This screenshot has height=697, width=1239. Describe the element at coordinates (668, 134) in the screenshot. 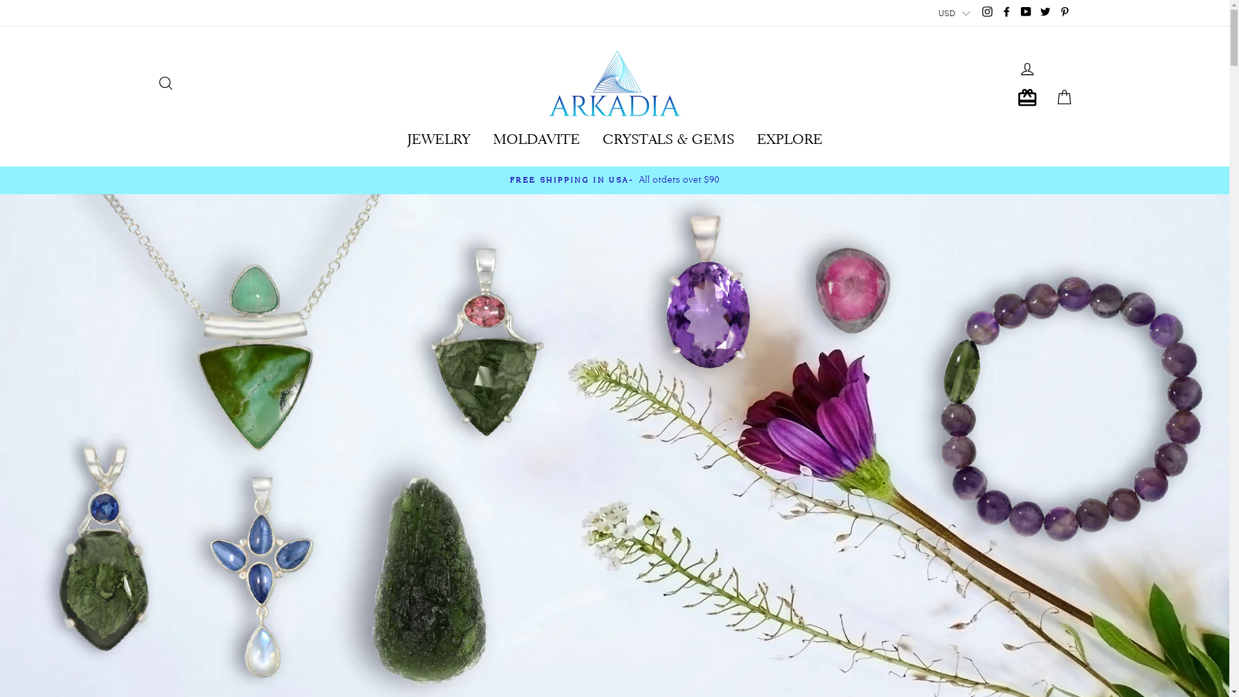

I see `'CRYSTALS & GEMS'` at that location.